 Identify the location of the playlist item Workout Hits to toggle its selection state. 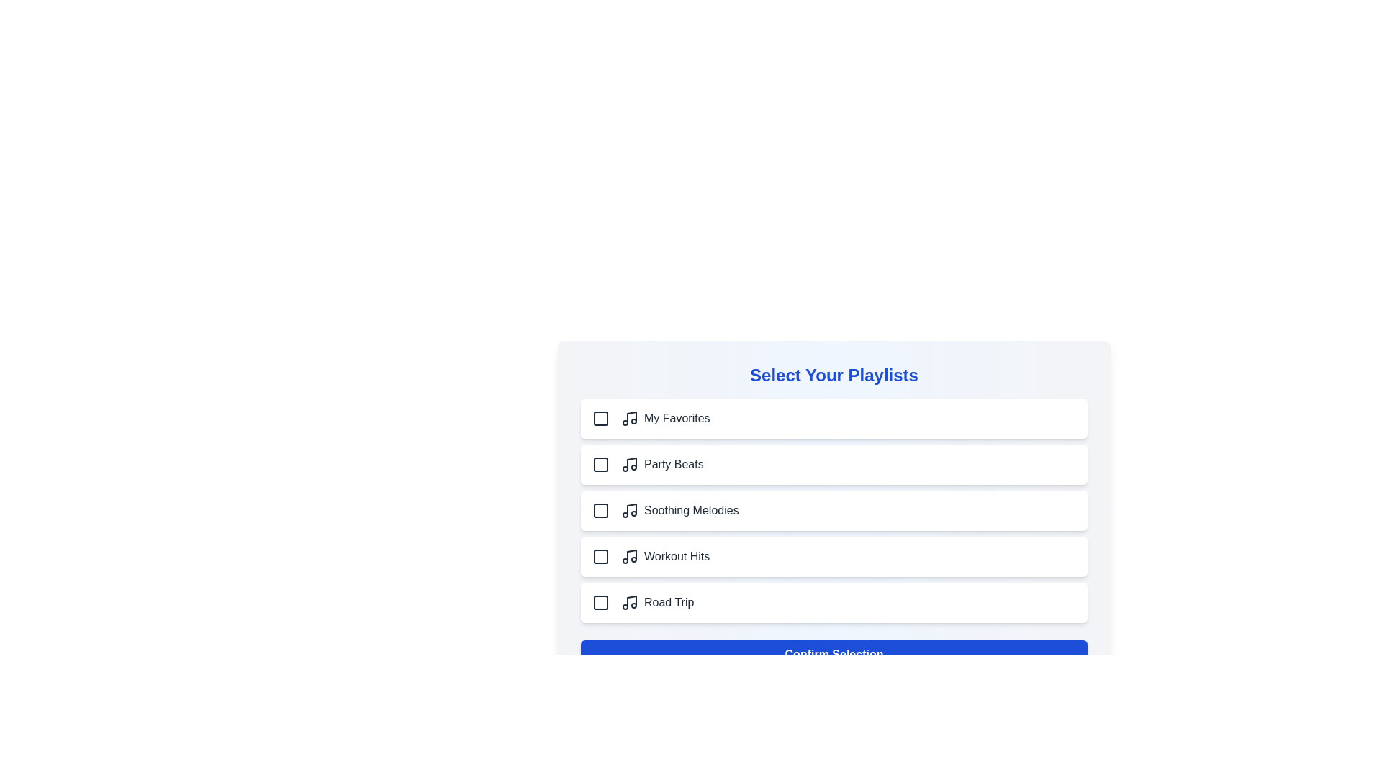
(834, 556).